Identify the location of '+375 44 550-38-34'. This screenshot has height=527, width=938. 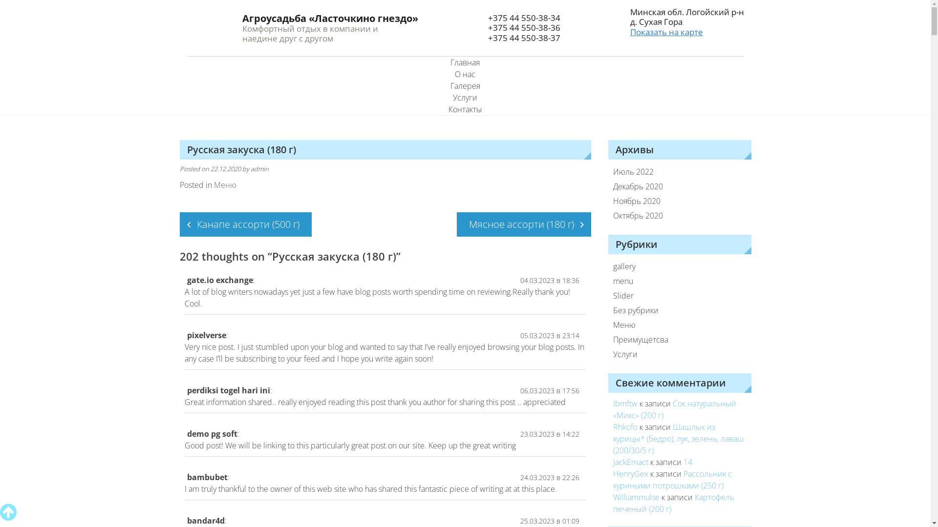
(523, 18).